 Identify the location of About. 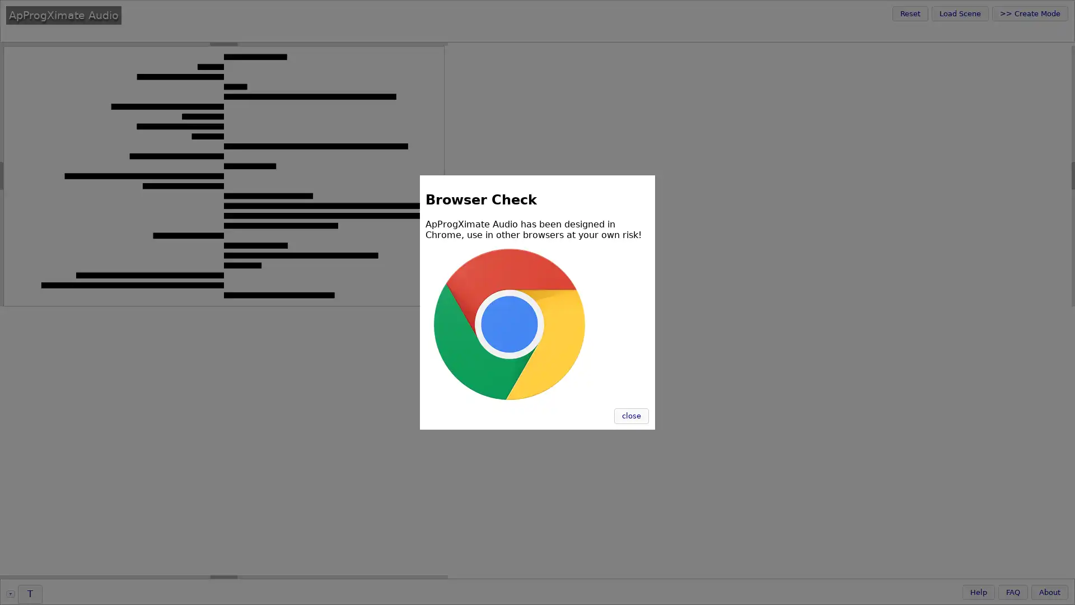
(1049, 587).